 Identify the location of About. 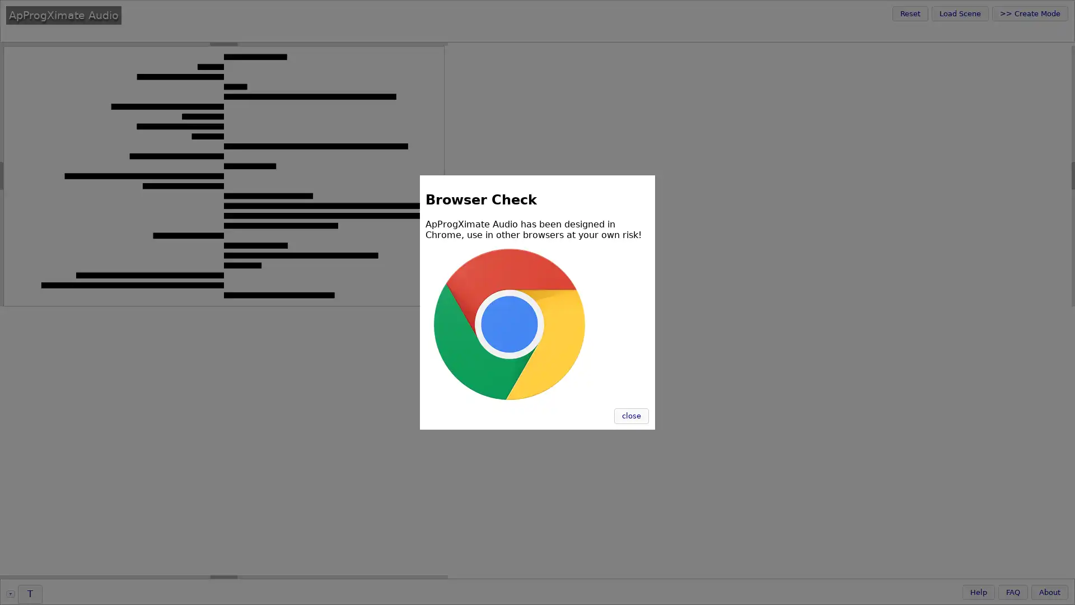
(1049, 587).